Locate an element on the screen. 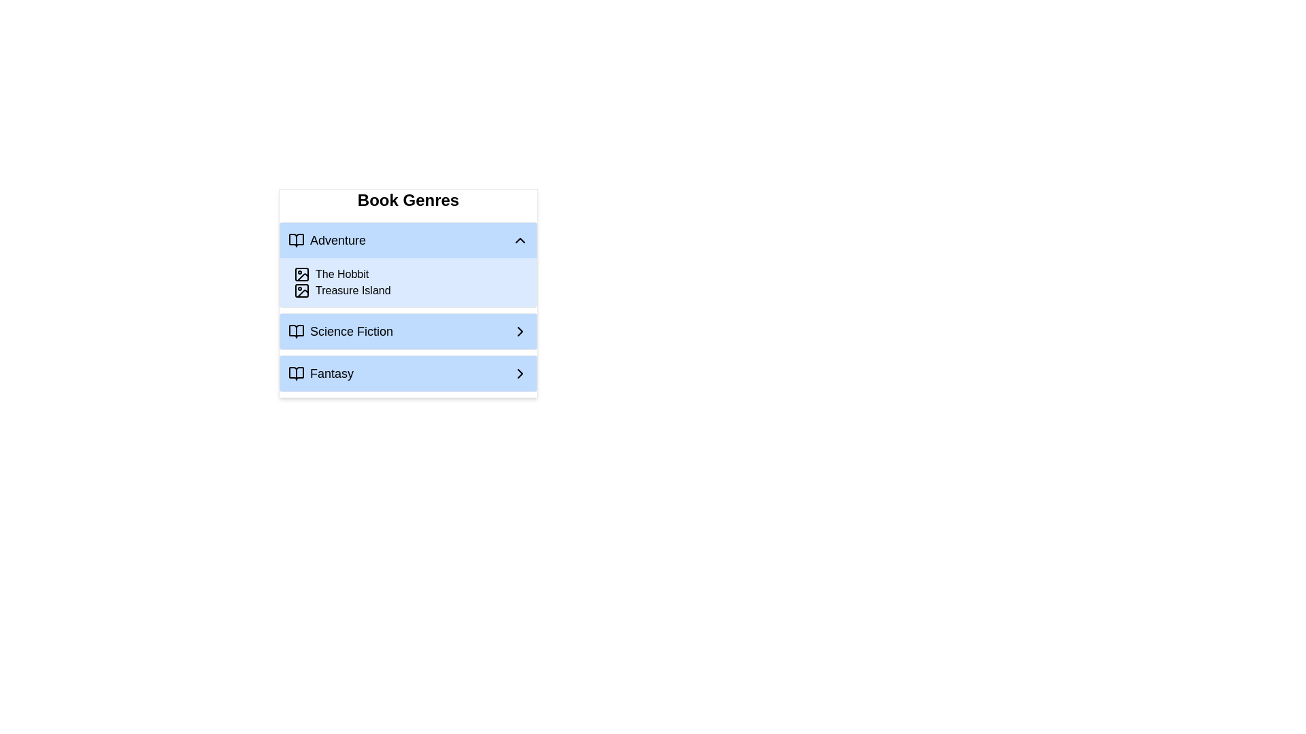  the book title in the categorical menu is located at coordinates (407, 293).